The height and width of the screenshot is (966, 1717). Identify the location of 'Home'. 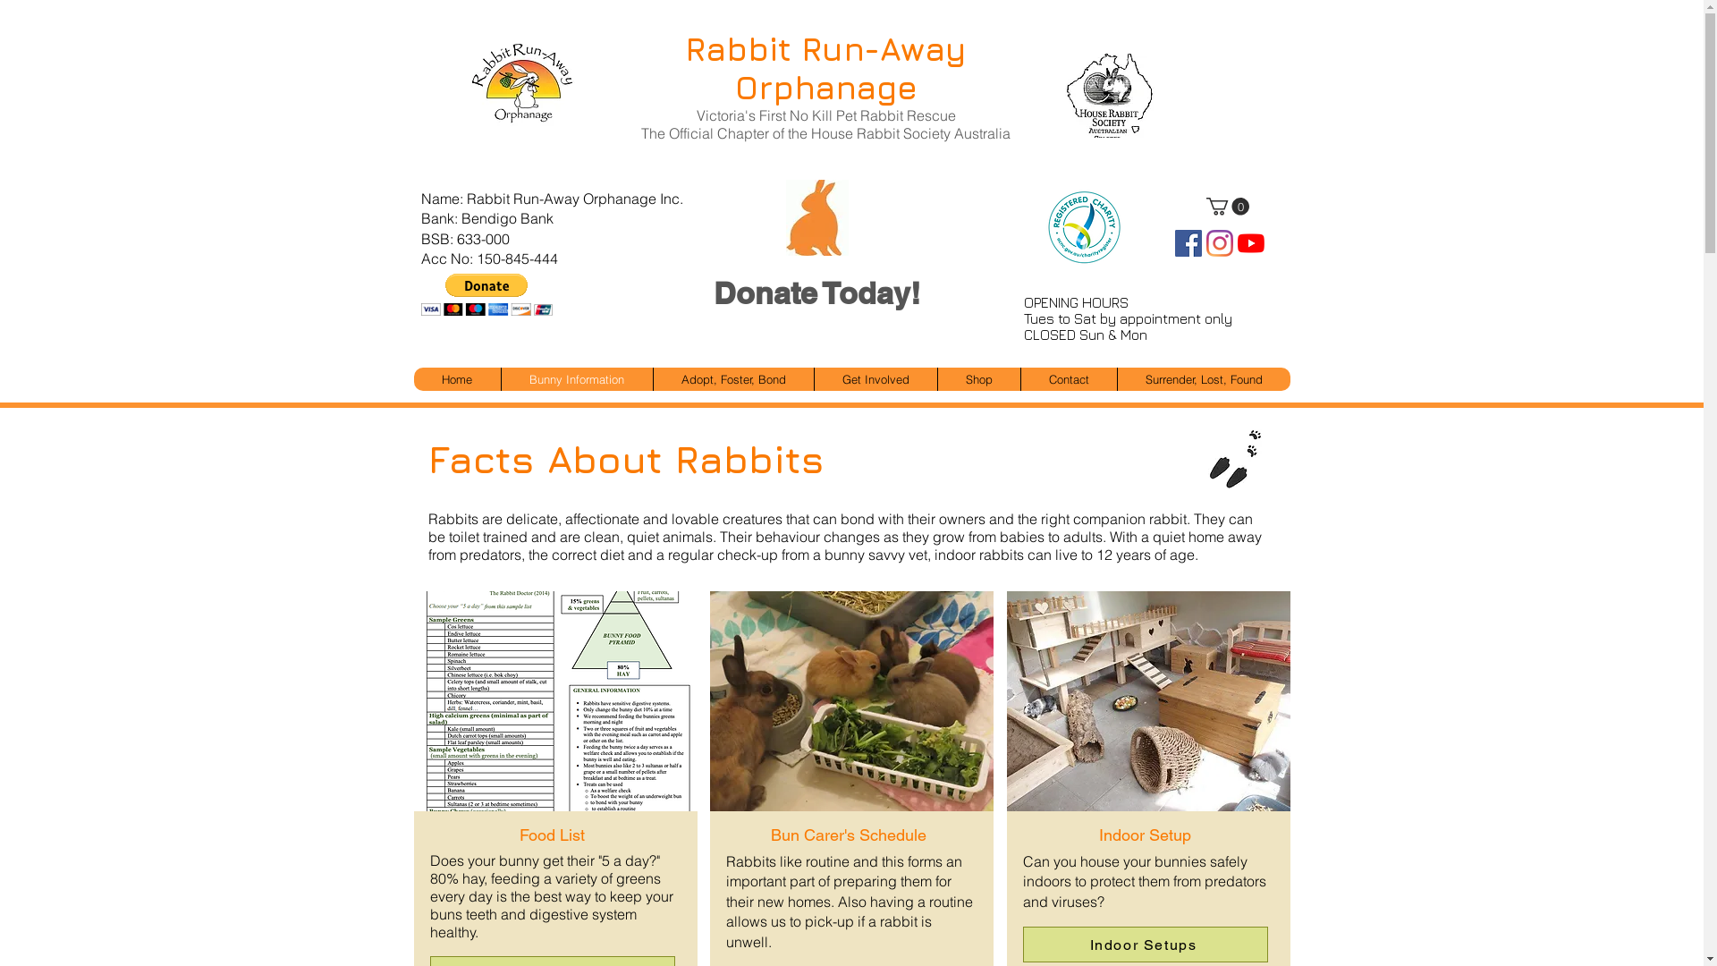
(456, 378).